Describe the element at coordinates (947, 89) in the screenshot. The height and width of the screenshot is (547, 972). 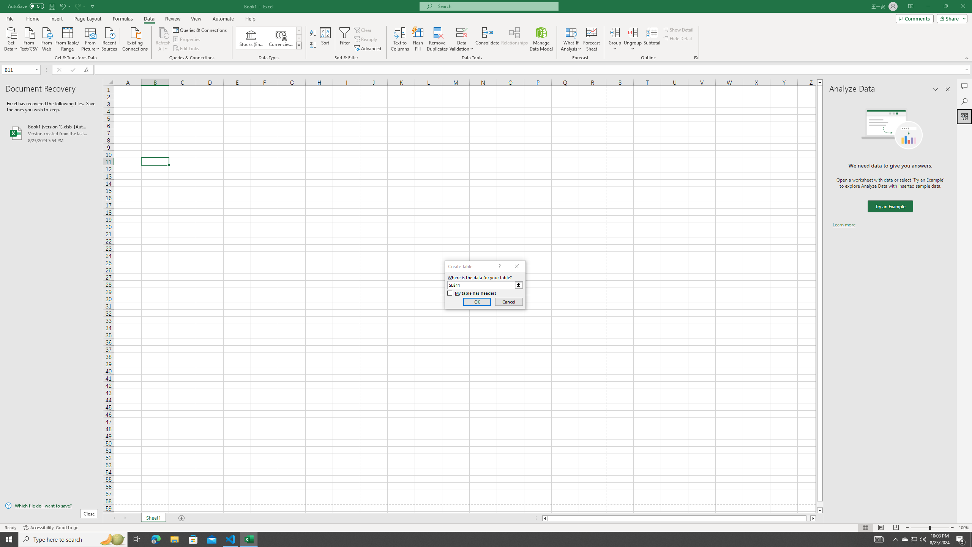
I see `'Close pane'` at that location.